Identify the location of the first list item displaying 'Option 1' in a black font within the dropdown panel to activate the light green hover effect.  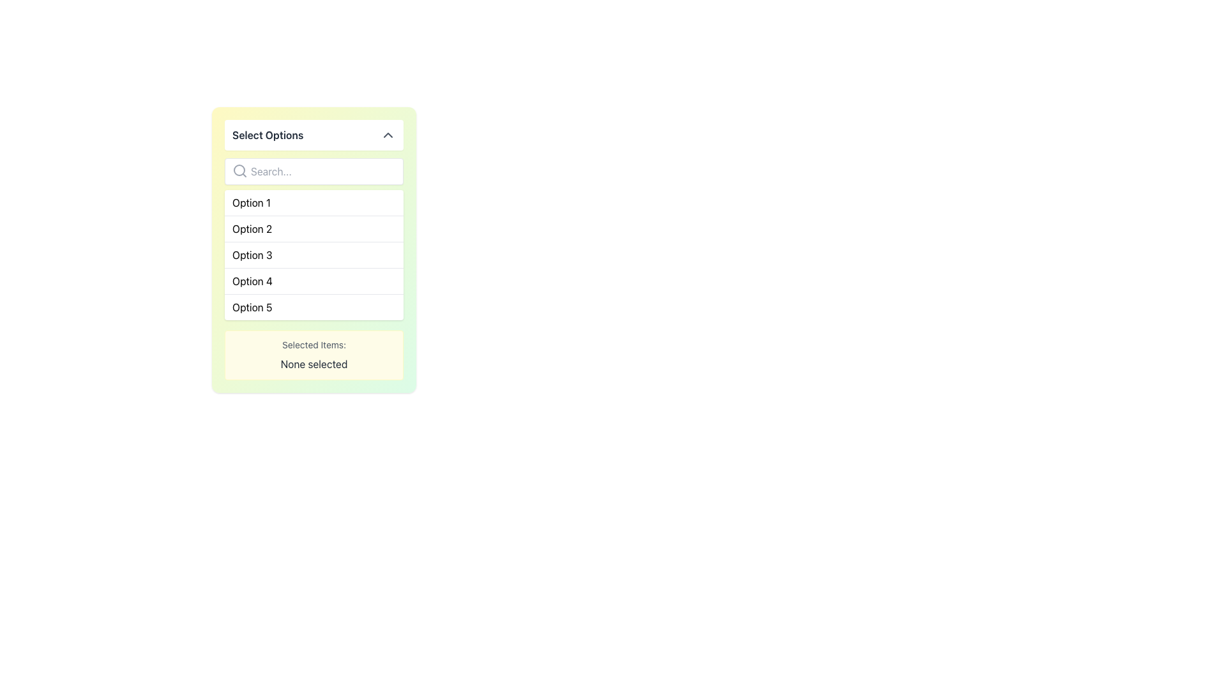
(251, 202).